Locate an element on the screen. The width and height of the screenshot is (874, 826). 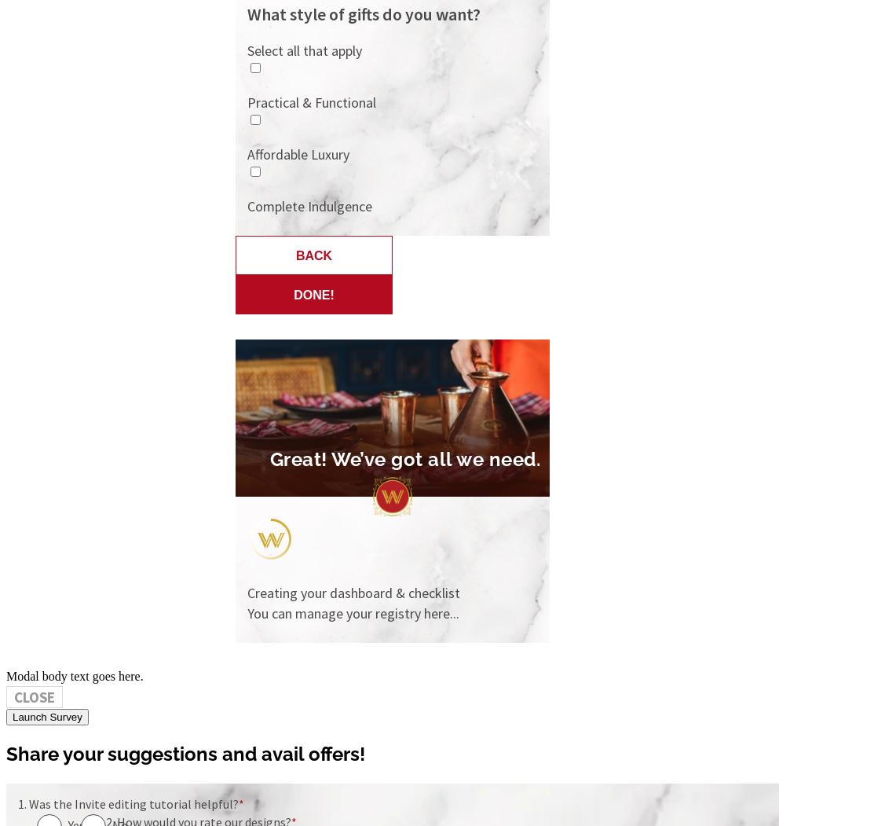
'Select all that apply' is located at coordinates (304, 50).